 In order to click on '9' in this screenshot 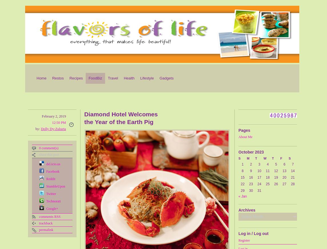, I will do `click(251, 171)`.